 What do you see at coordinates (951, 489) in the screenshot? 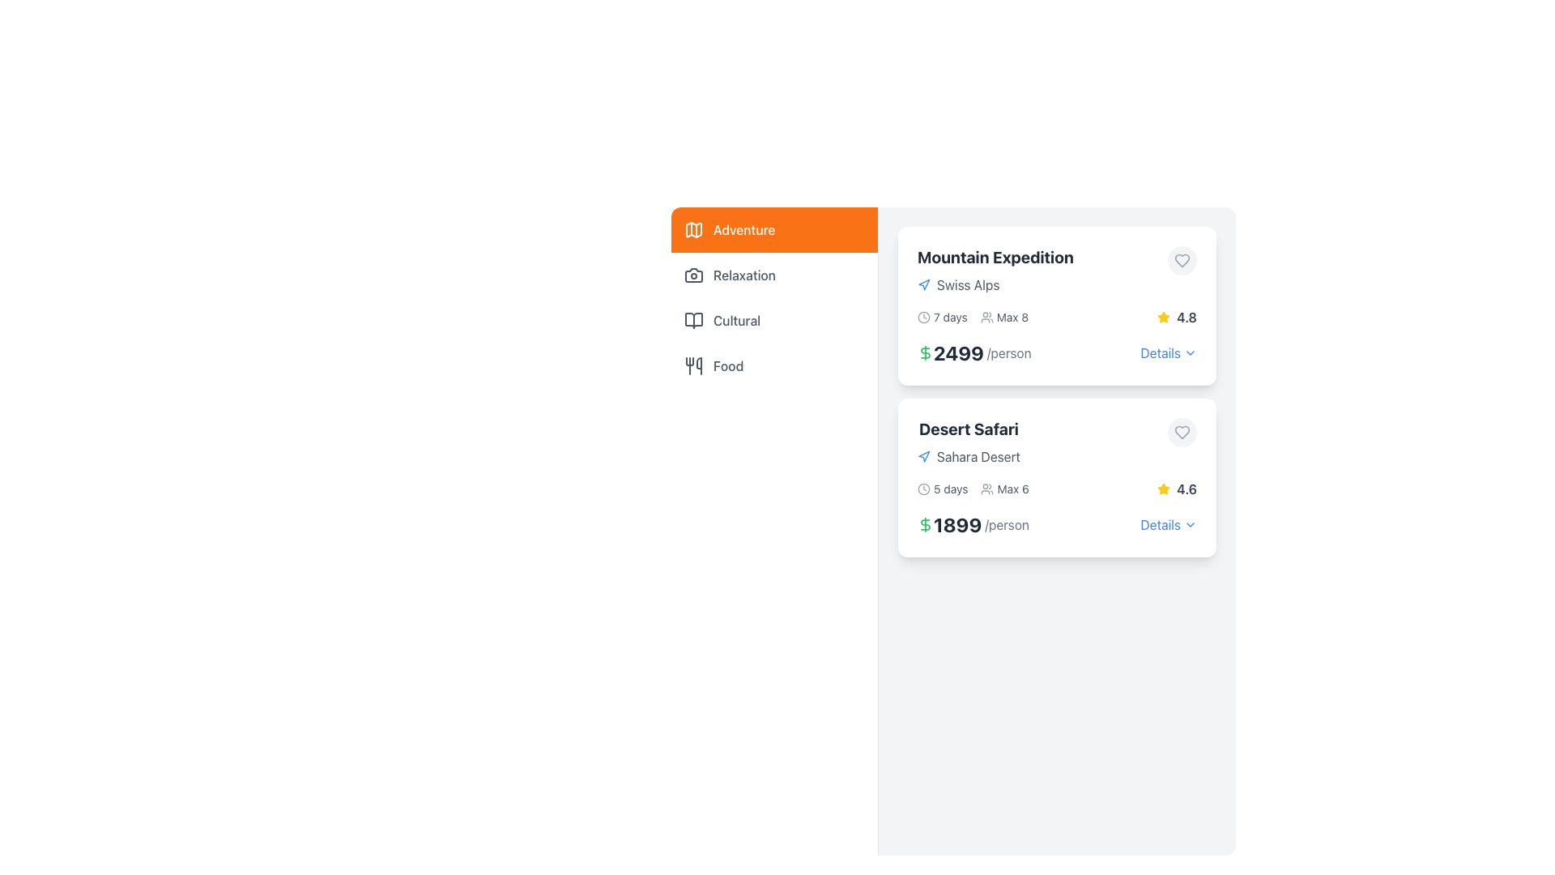
I see `the static text label that displays '5 days', which is located within the description section of the 'Desert Safari' card, near a clock icon` at bounding box center [951, 489].